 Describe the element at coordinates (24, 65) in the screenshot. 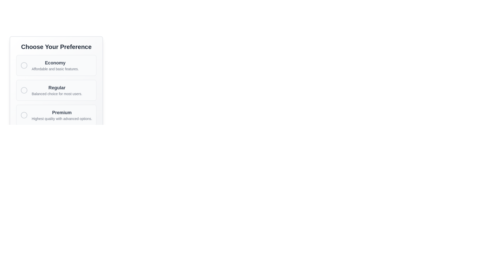

I see `the first radio button next to the 'Economy' option` at that location.